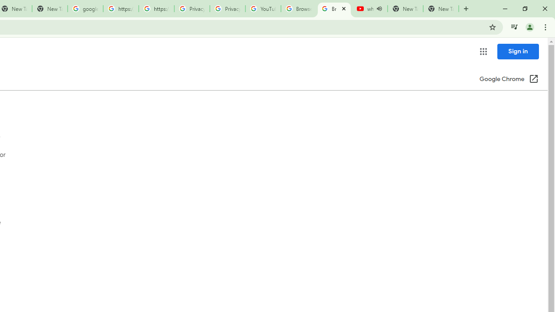 This screenshot has height=312, width=555. Describe the element at coordinates (262, 9) in the screenshot. I see `'YouTube'` at that location.